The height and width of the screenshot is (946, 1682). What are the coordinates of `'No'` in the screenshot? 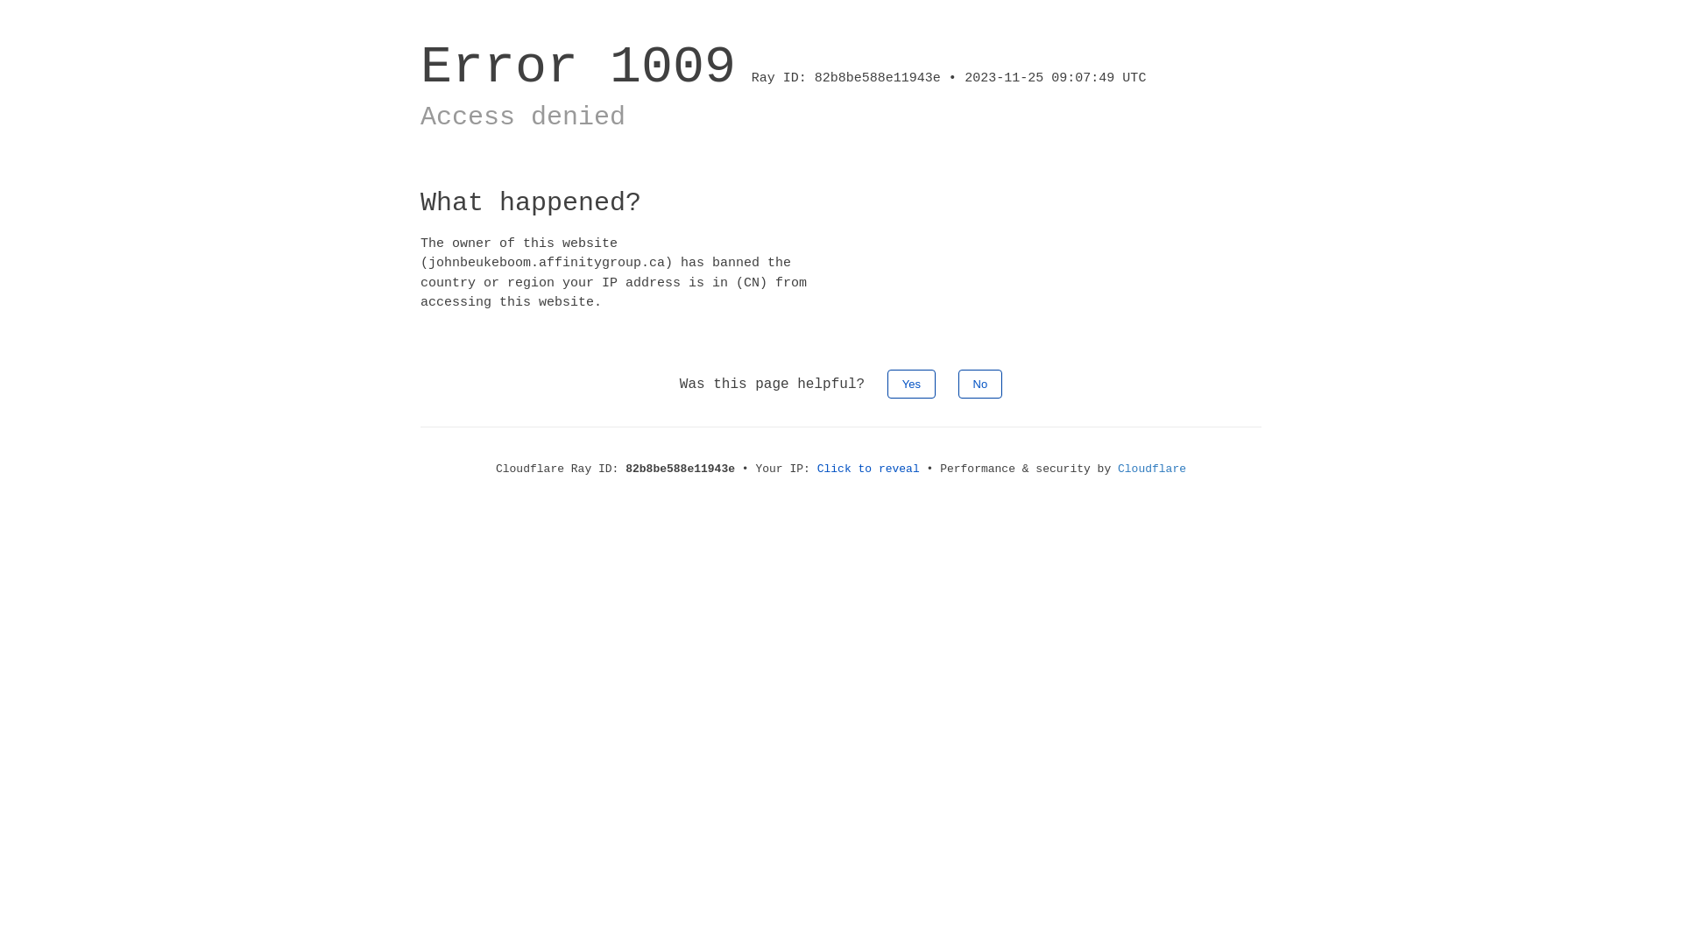 It's located at (958, 383).